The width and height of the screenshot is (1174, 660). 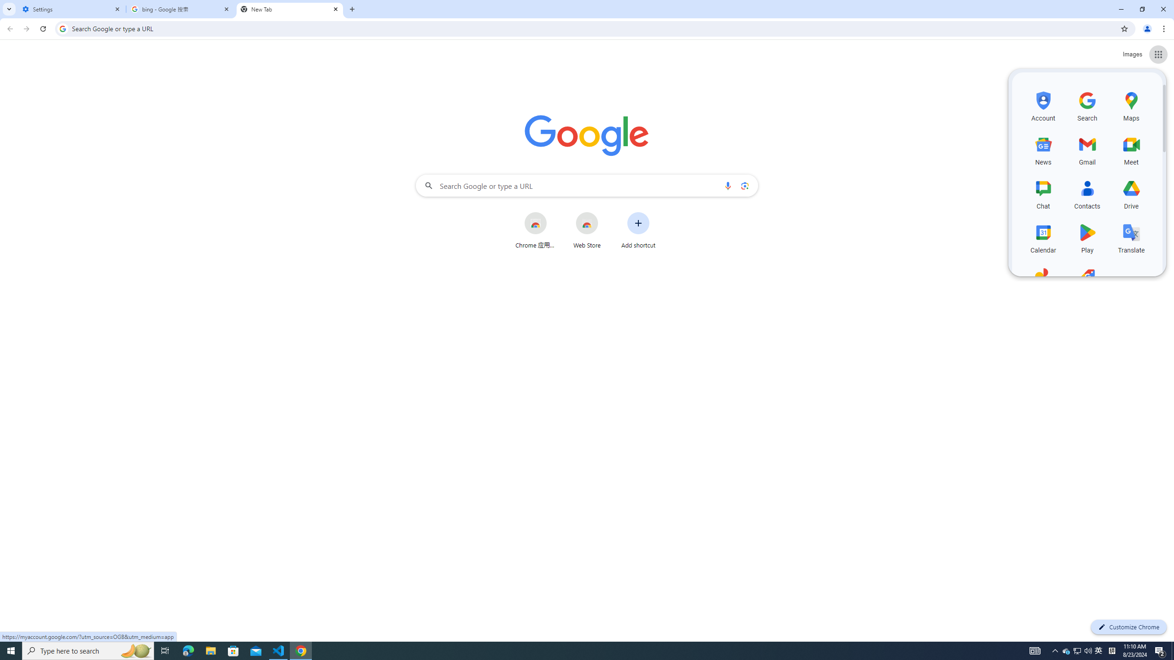 I want to click on 'Customize Chrome', so click(x=1129, y=627).